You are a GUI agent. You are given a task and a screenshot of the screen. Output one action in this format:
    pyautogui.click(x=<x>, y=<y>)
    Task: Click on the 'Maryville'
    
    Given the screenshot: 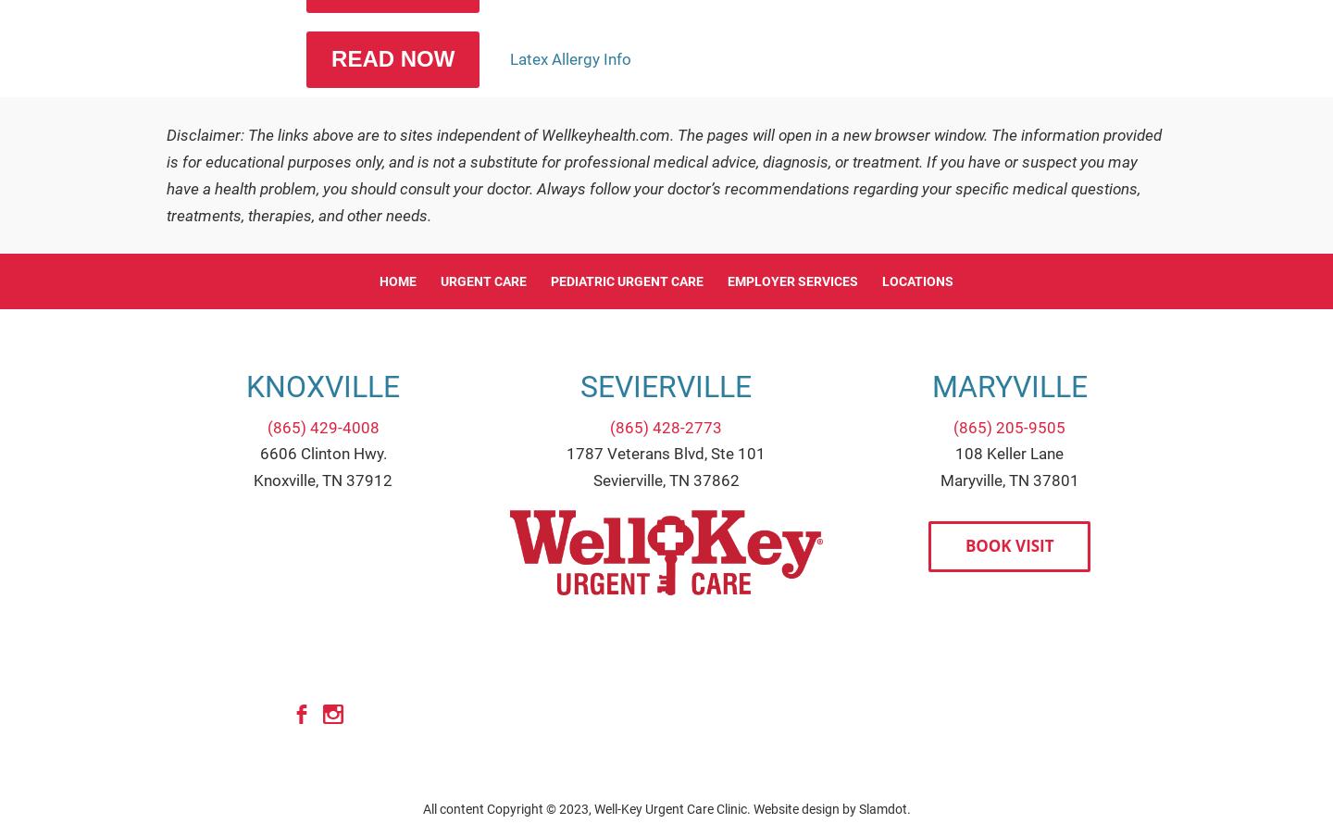 What is the action you would take?
    pyautogui.click(x=1007, y=385)
    